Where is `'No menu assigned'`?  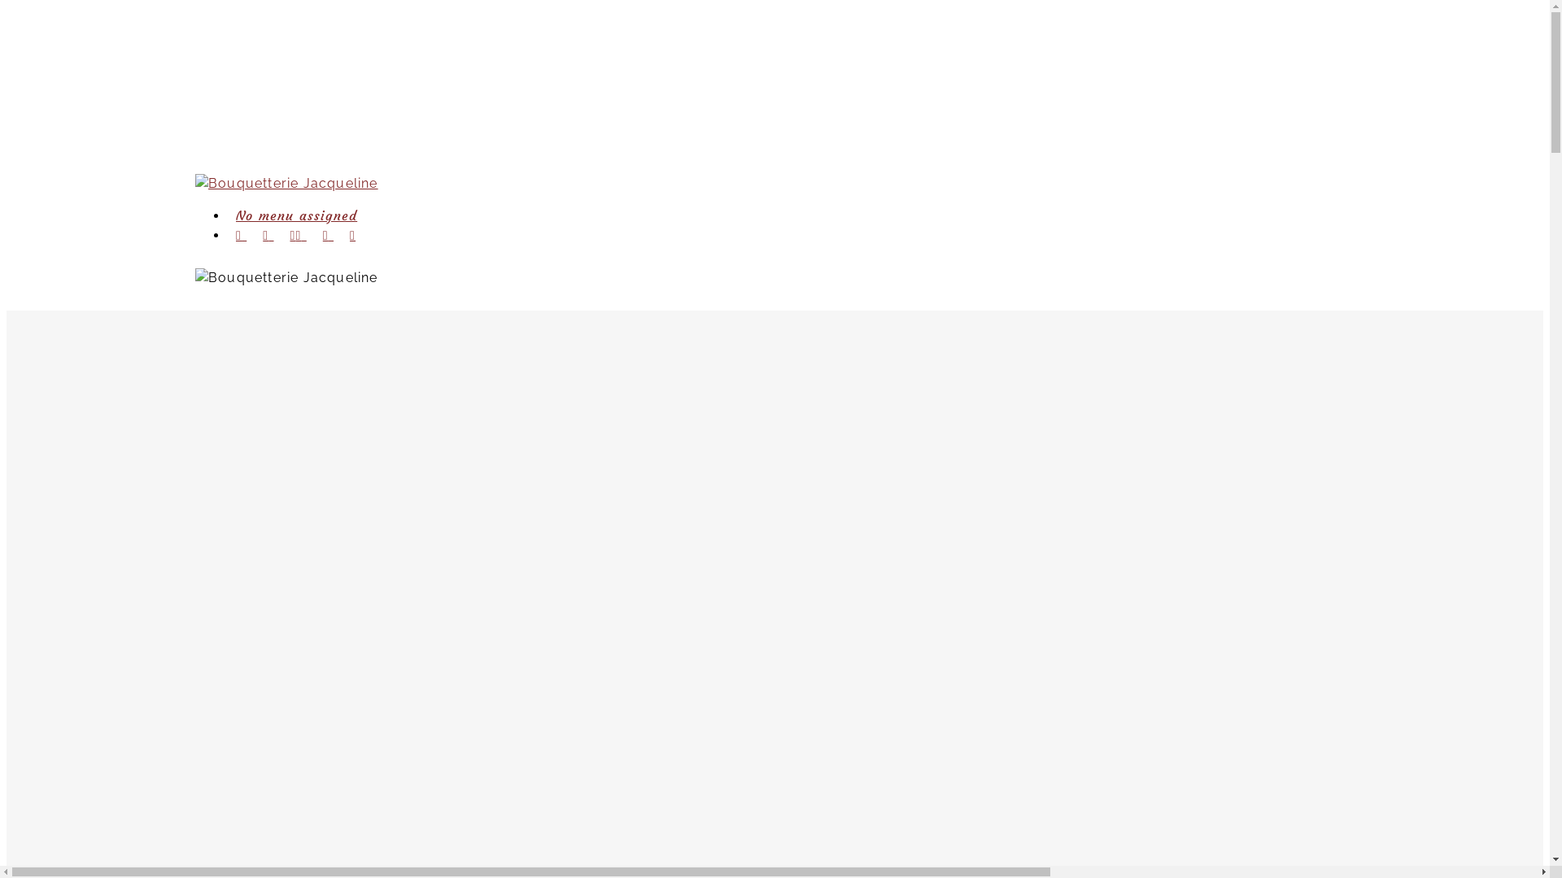
'No menu assigned' is located at coordinates (296, 215).